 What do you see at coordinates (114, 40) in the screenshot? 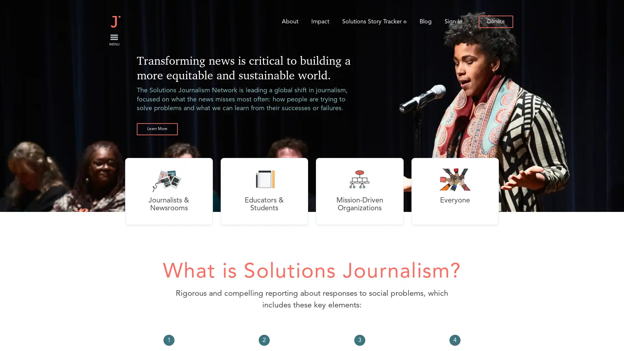
I see `Open Menu` at bounding box center [114, 40].